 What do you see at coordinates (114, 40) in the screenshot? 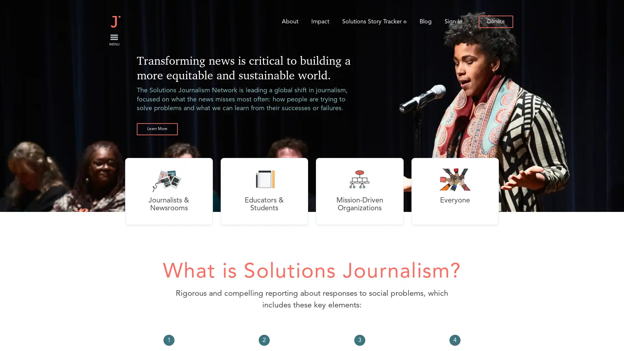
I see `Open Menu` at bounding box center [114, 40].